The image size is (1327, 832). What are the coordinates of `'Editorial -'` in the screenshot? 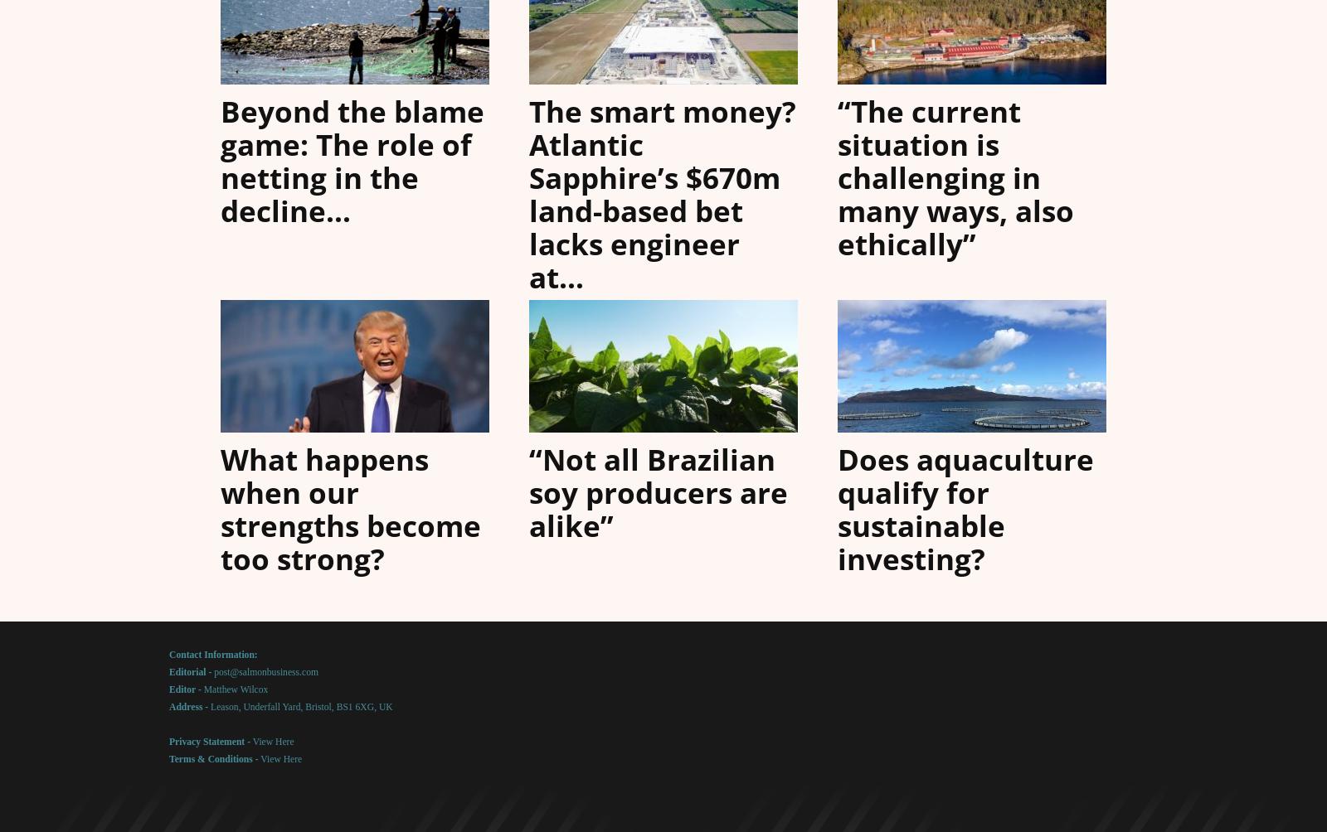 It's located at (190, 671).